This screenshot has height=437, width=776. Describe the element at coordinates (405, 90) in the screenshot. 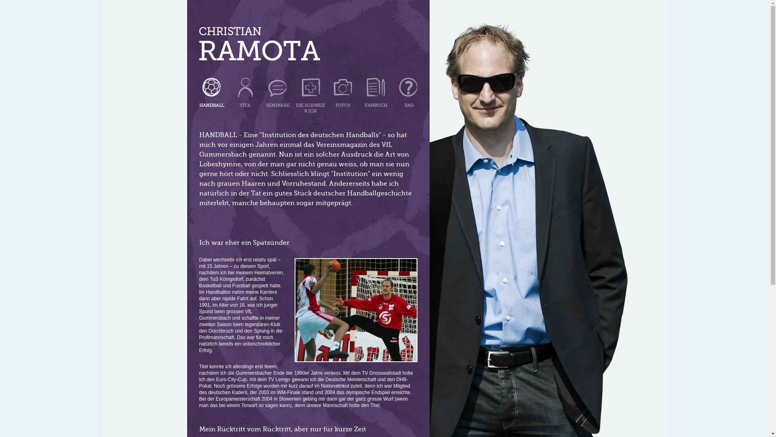

I see `' '` at that location.